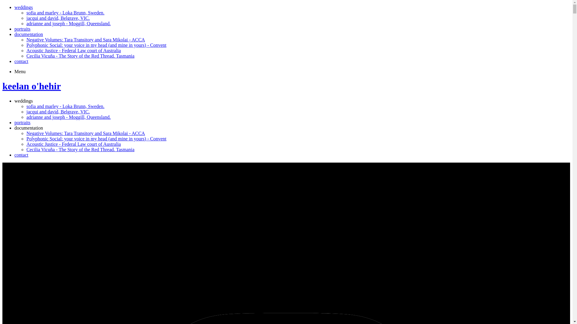 Image resolution: width=577 pixels, height=324 pixels. I want to click on 'portraits', so click(22, 29).